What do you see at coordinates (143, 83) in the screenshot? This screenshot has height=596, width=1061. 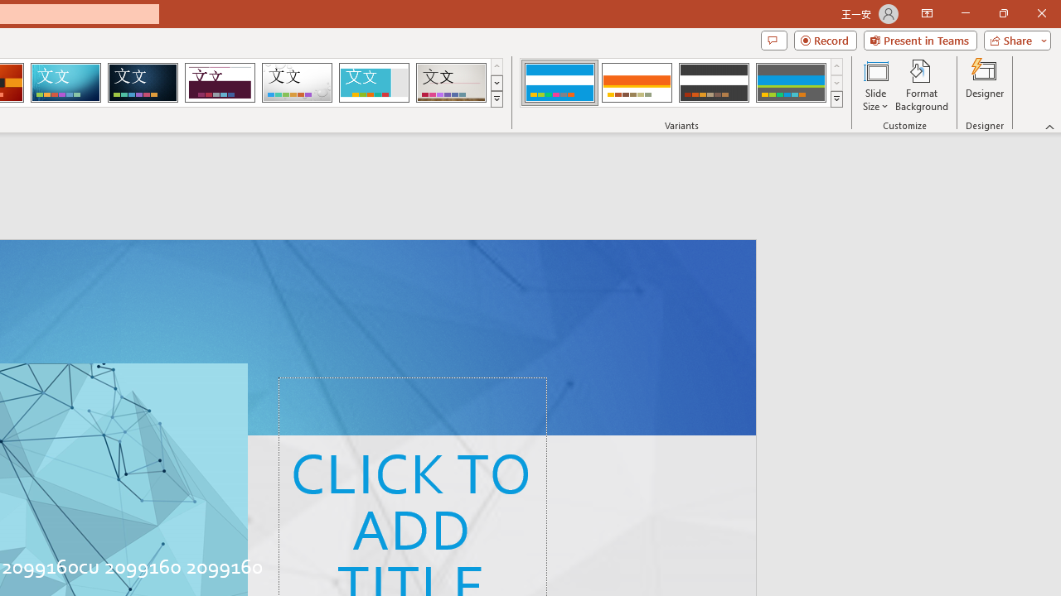 I see `'Damask'` at bounding box center [143, 83].